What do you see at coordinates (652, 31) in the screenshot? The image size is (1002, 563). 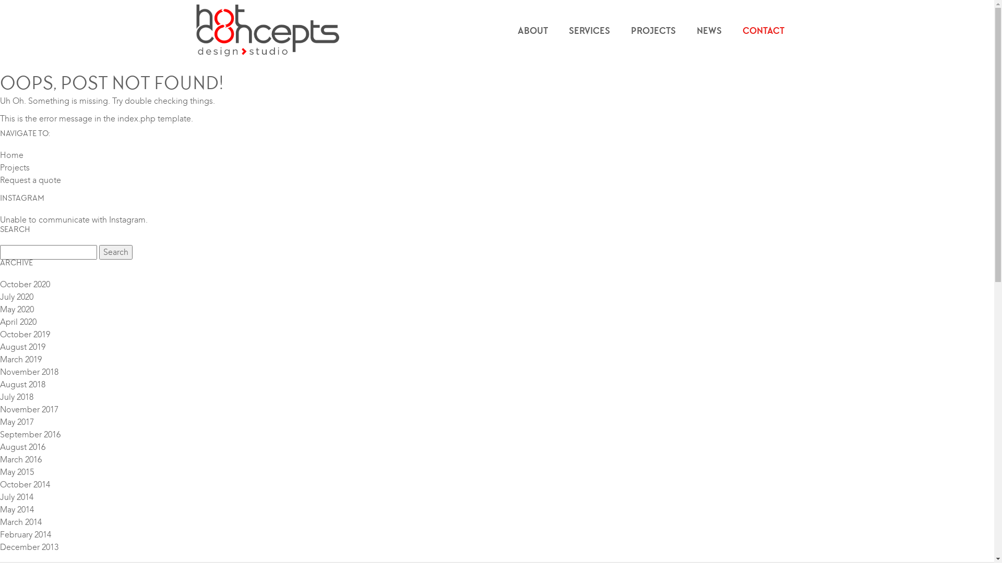 I see `'PROJECTS'` at bounding box center [652, 31].